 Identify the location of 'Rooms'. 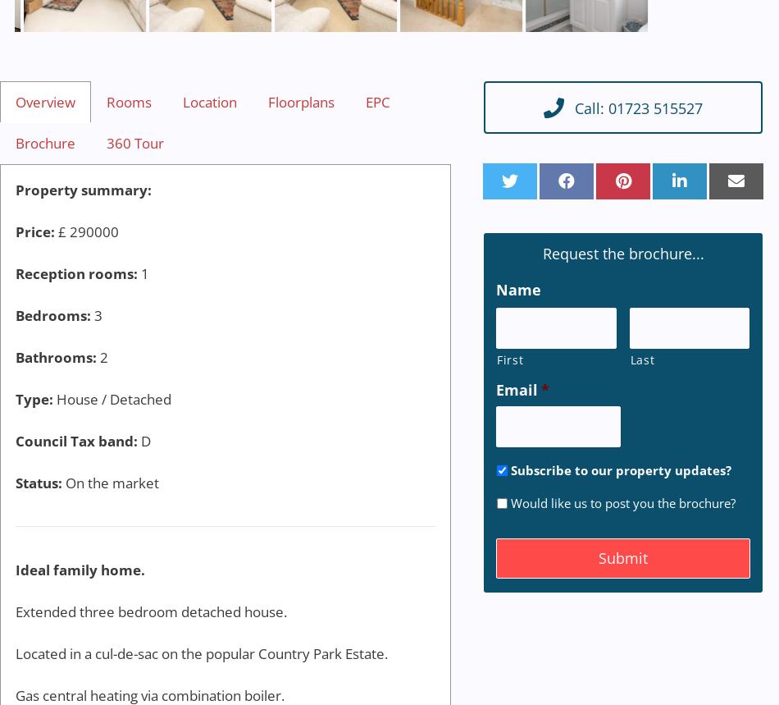
(129, 101).